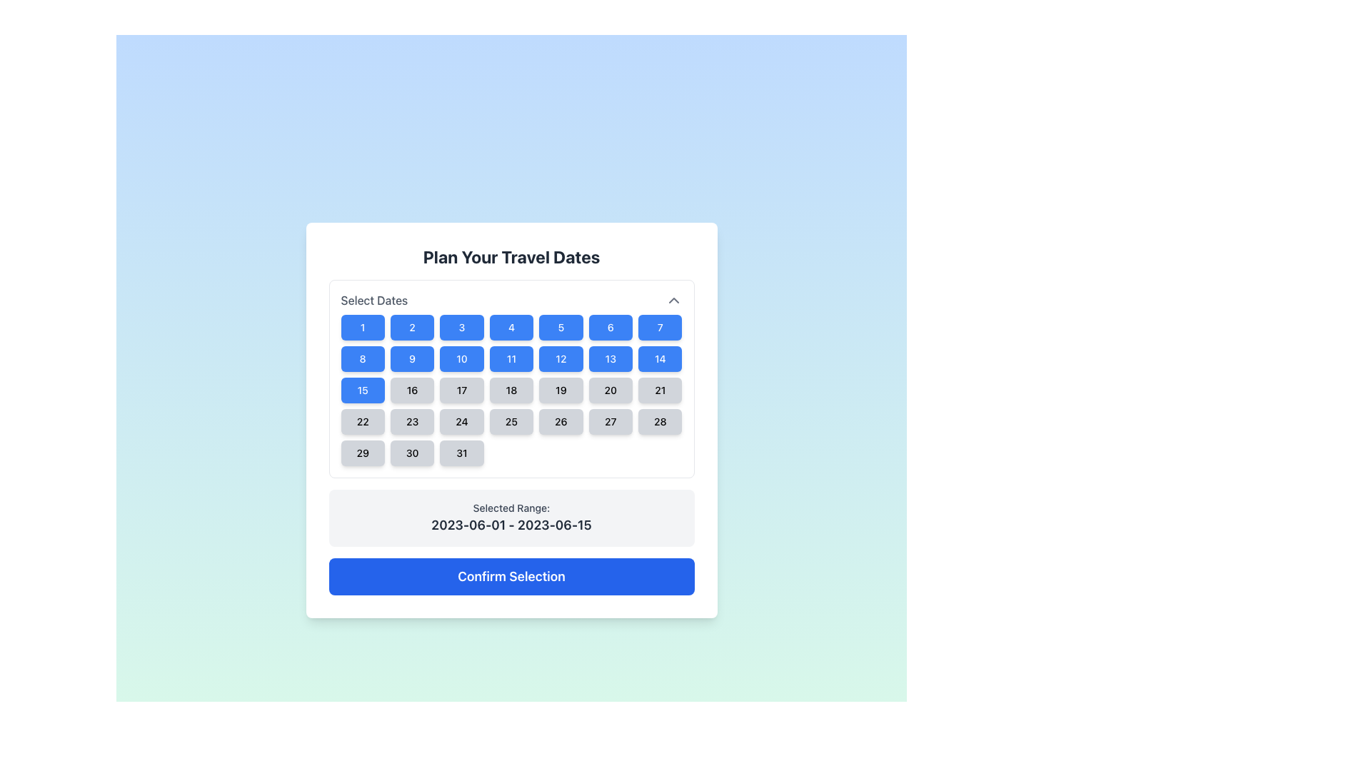 The height and width of the screenshot is (771, 1371). Describe the element at coordinates (462, 453) in the screenshot. I see `the selectable date button representing the date '31' in the calendar interface` at that location.